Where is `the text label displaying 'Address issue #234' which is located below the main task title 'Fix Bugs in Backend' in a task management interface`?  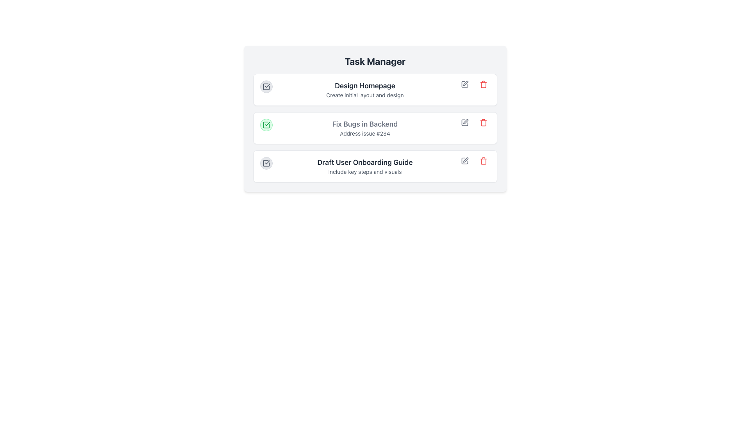
the text label displaying 'Address issue #234' which is located below the main task title 'Fix Bugs in Backend' in a task management interface is located at coordinates (364, 133).